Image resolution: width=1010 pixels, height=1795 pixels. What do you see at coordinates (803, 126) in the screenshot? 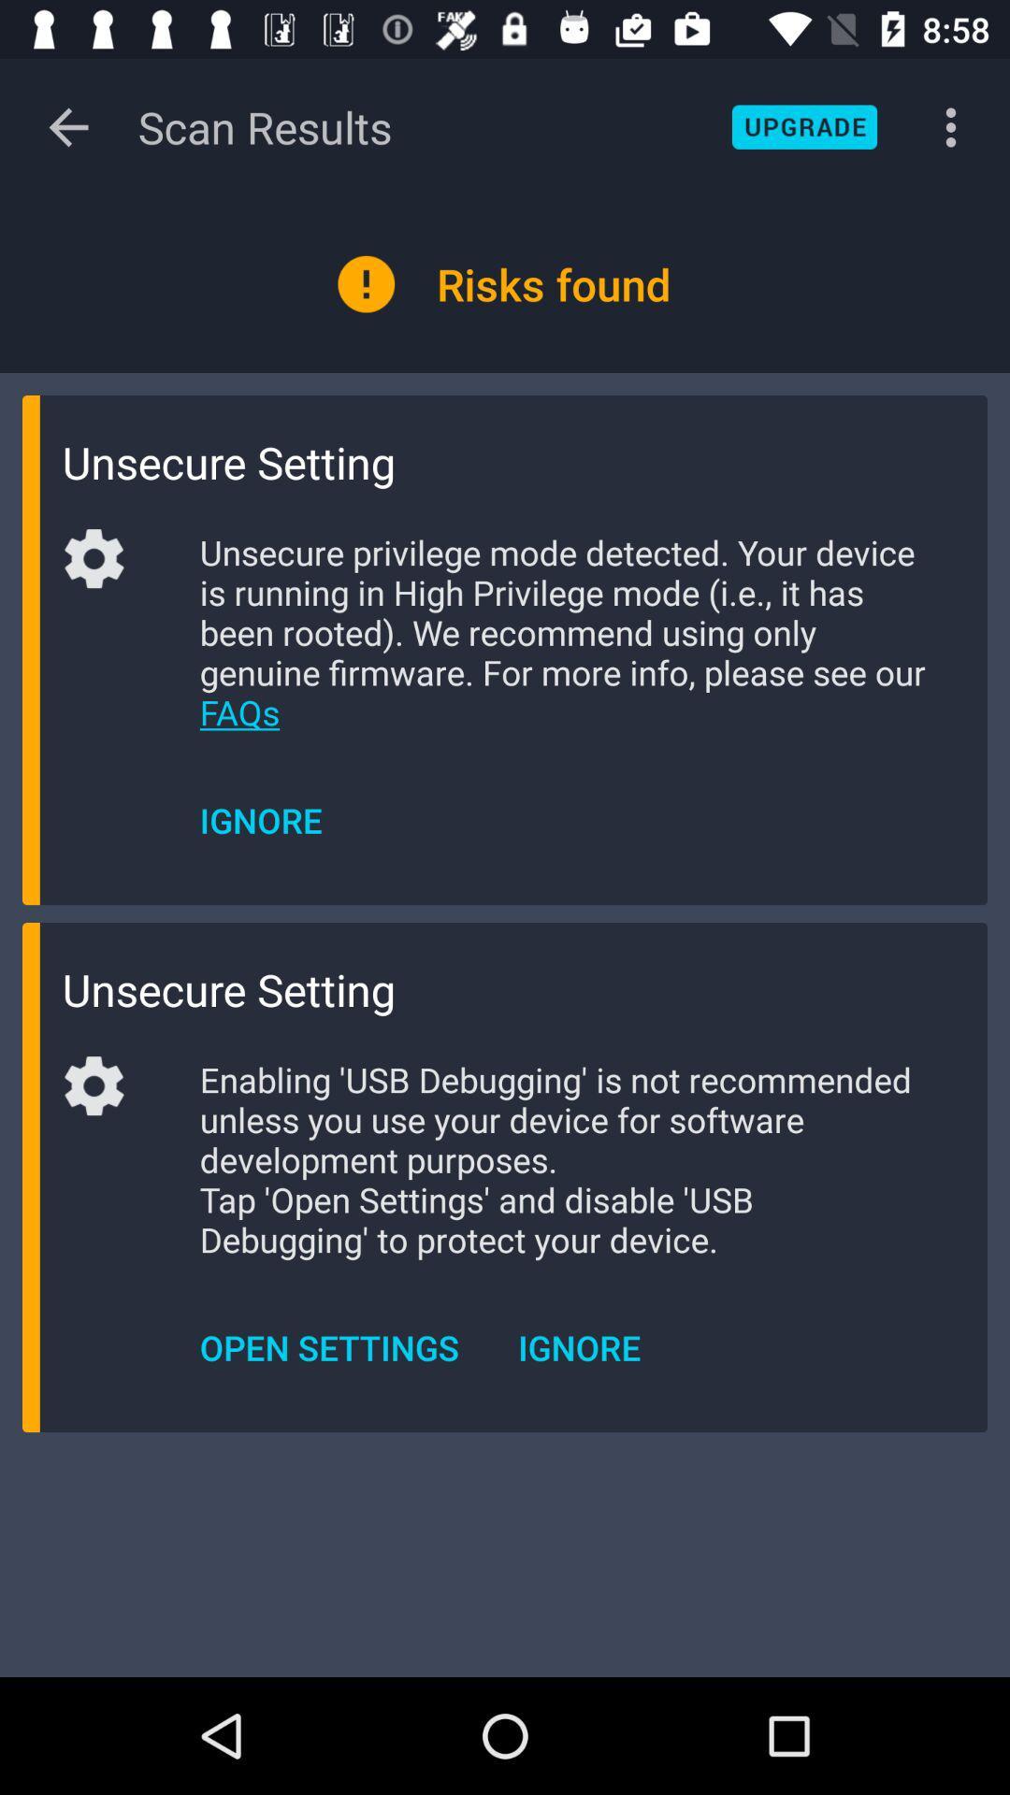
I see `item next to the scan results icon` at bounding box center [803, 126].